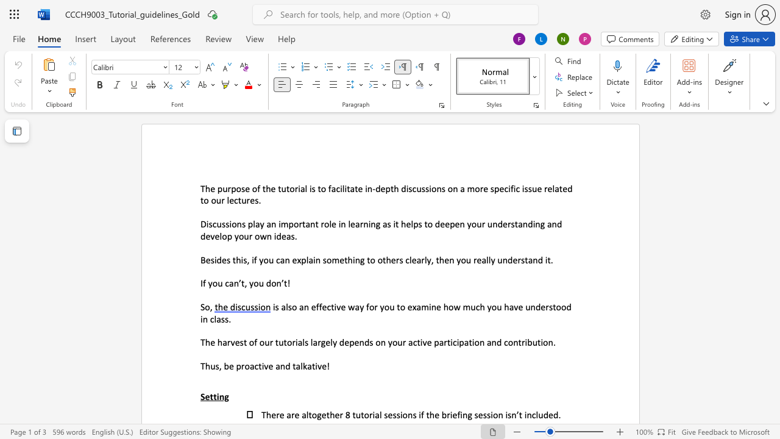  Describe the element at coordinates (514, 306) in the screenshot. I see `the space between the continuous character "a" and "v" in the text` at that location.